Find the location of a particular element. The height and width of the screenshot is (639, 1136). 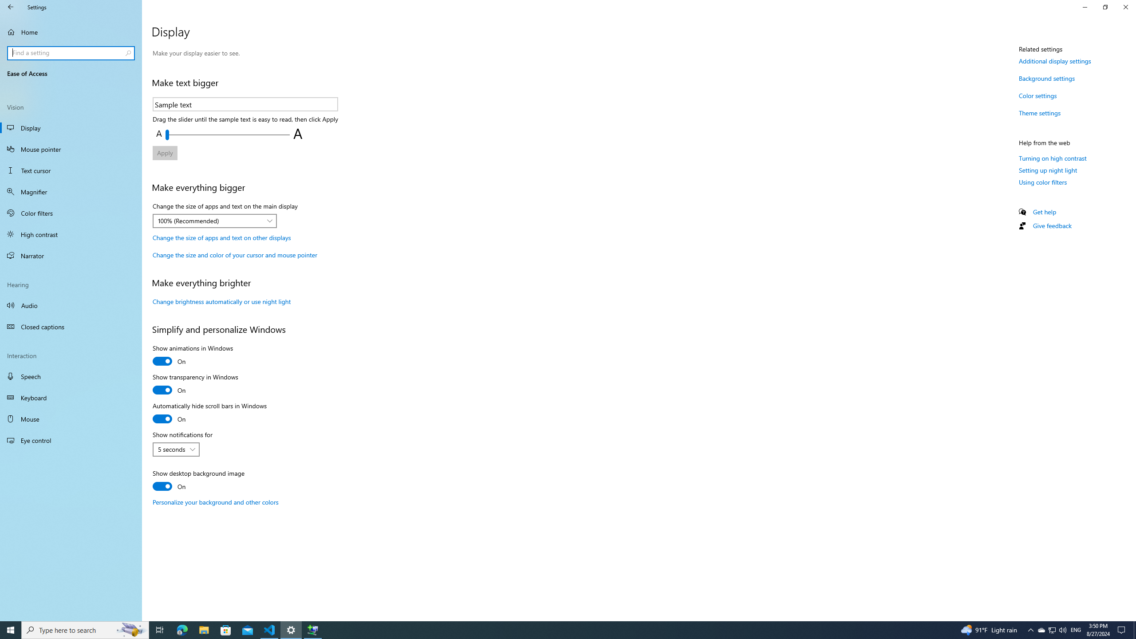

'Audio' is located at coordinates (71, 304).